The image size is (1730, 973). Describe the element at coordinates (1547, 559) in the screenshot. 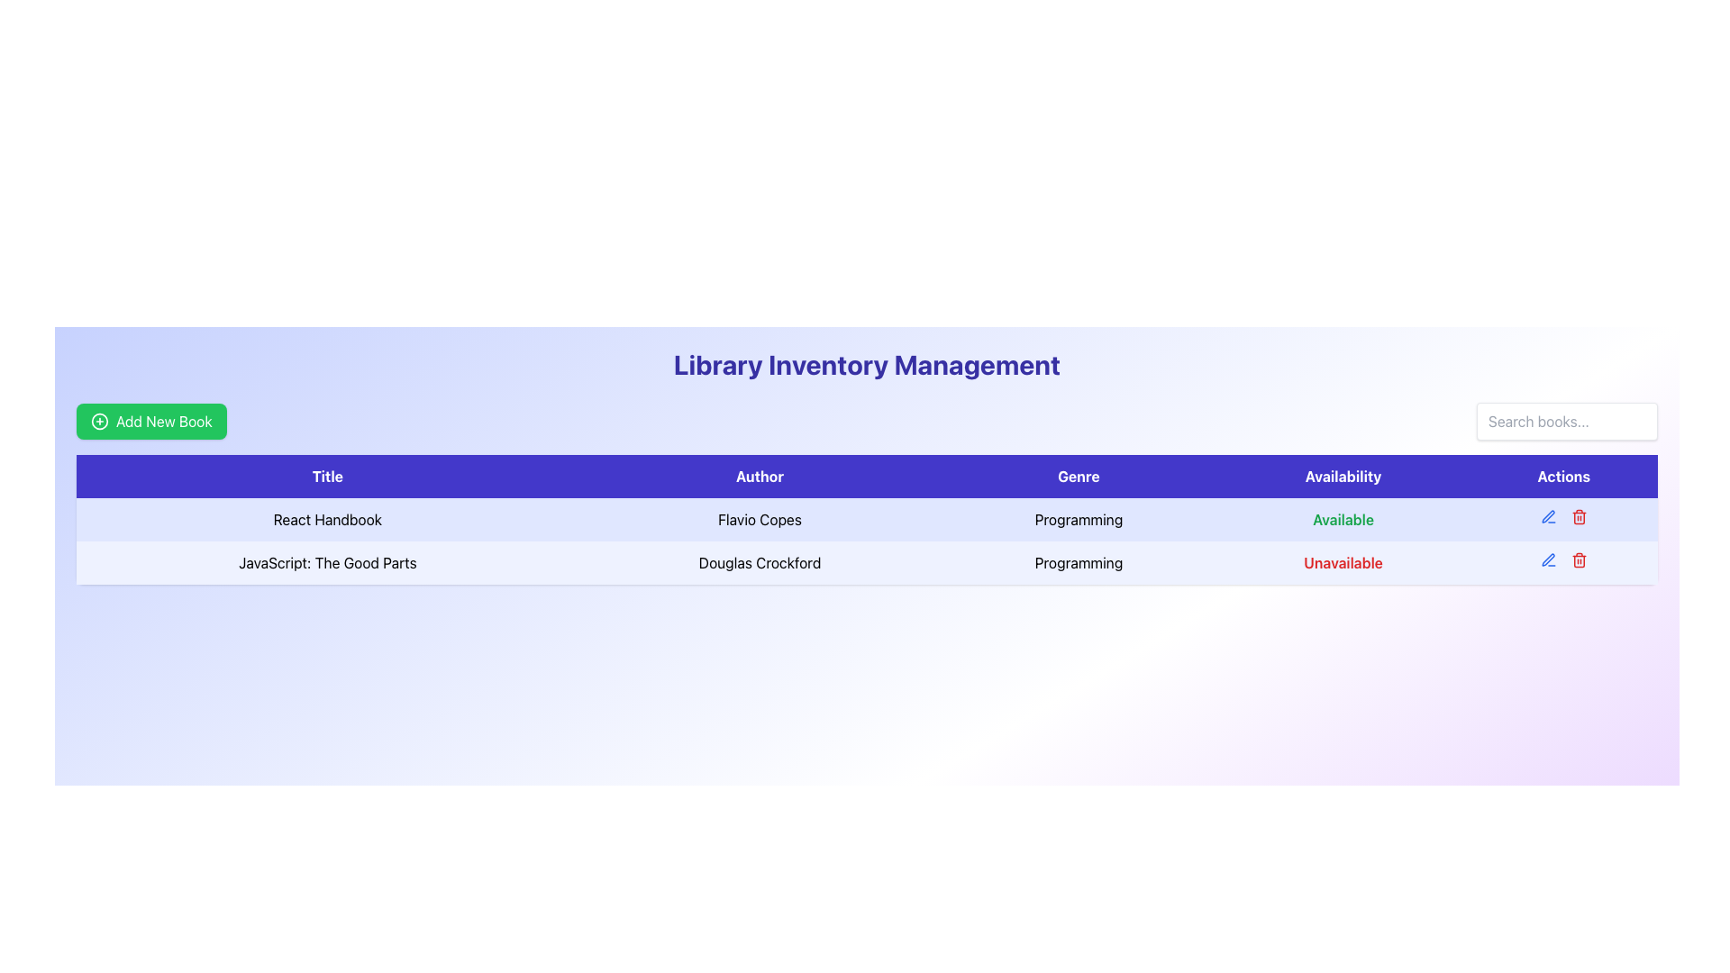

I see `the edit button located in the first row of the table in the 'Actions' column` at that location.